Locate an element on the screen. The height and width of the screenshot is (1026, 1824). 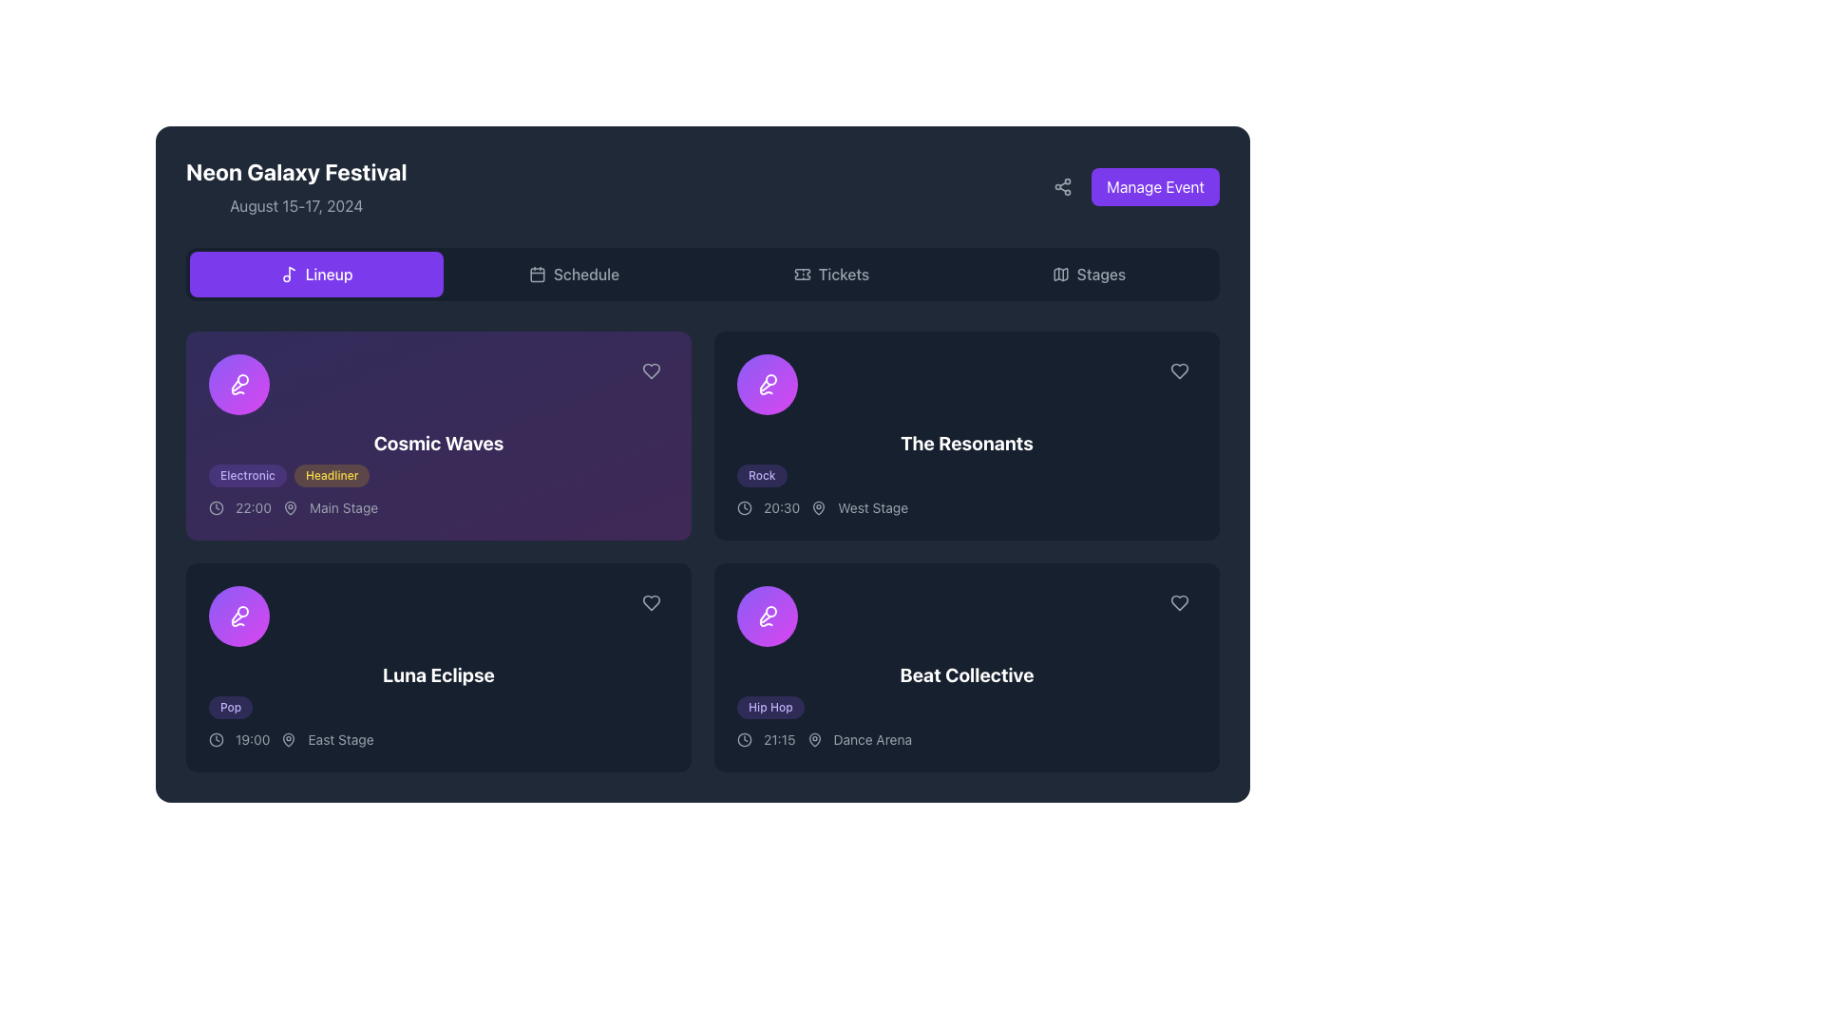
the microphone icon located to the left of the 'Cosmic Waves' text in the 'Lineup' section of the interface is located at coordinates (236, 385).